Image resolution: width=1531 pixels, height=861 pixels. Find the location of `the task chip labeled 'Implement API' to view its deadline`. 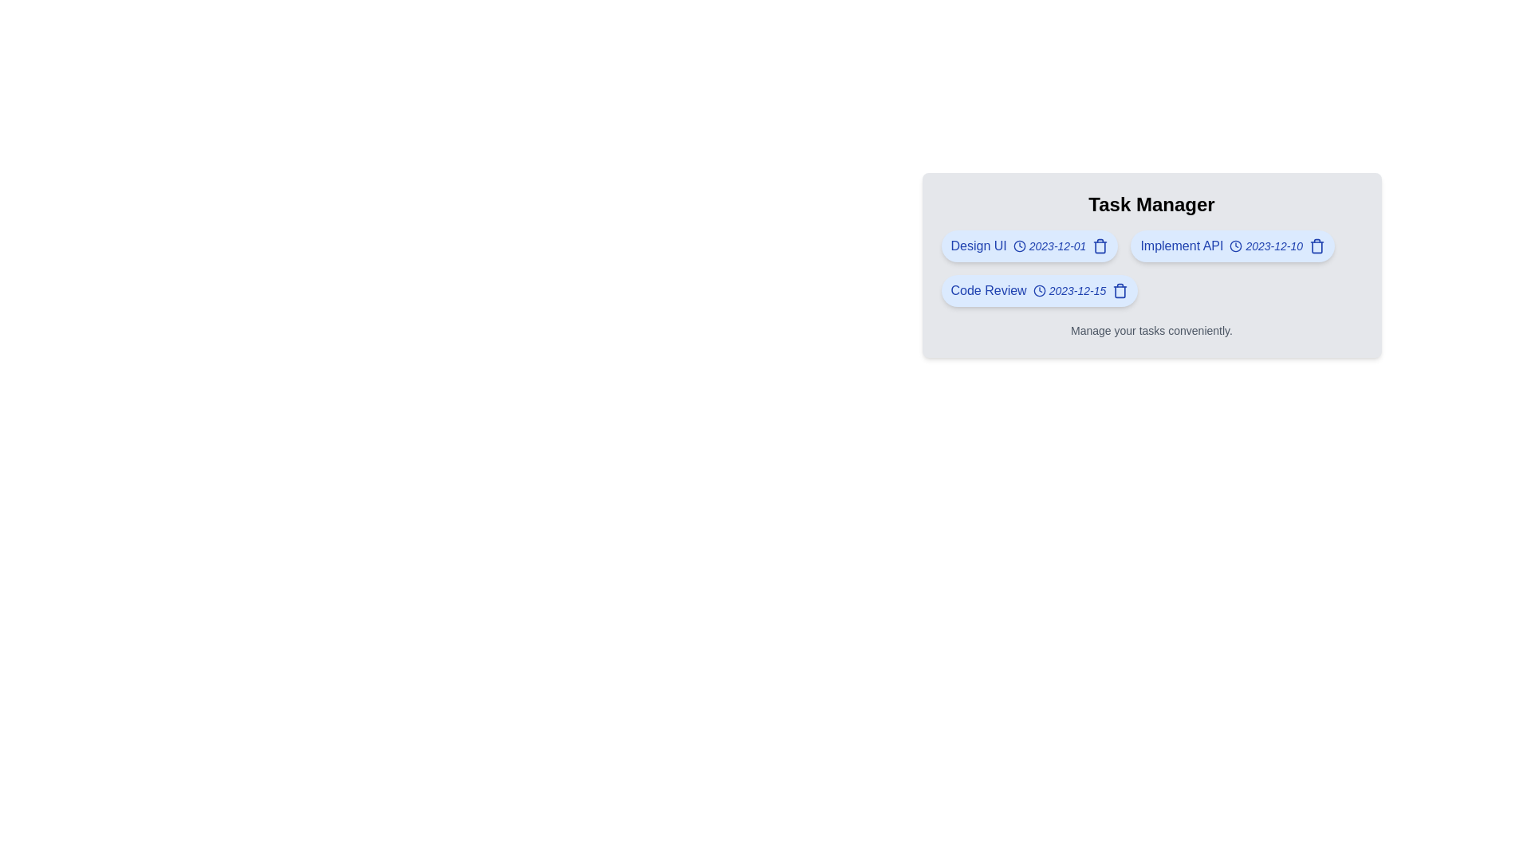

the task chip labeled 'Implement API' to view its deadline is located at coordinates (1232, 246).